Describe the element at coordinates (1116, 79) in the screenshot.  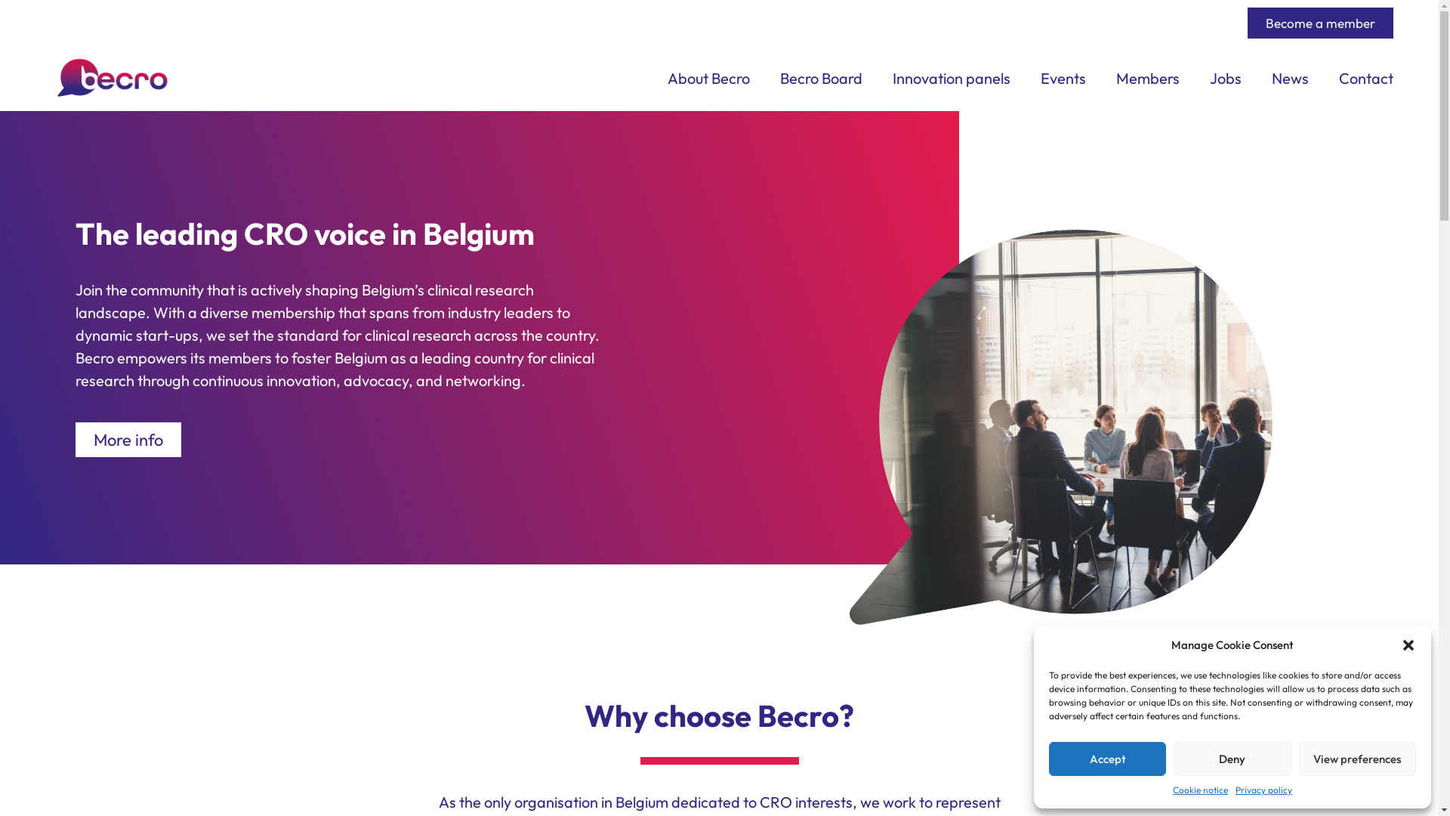
I see `'Members'` at that location.